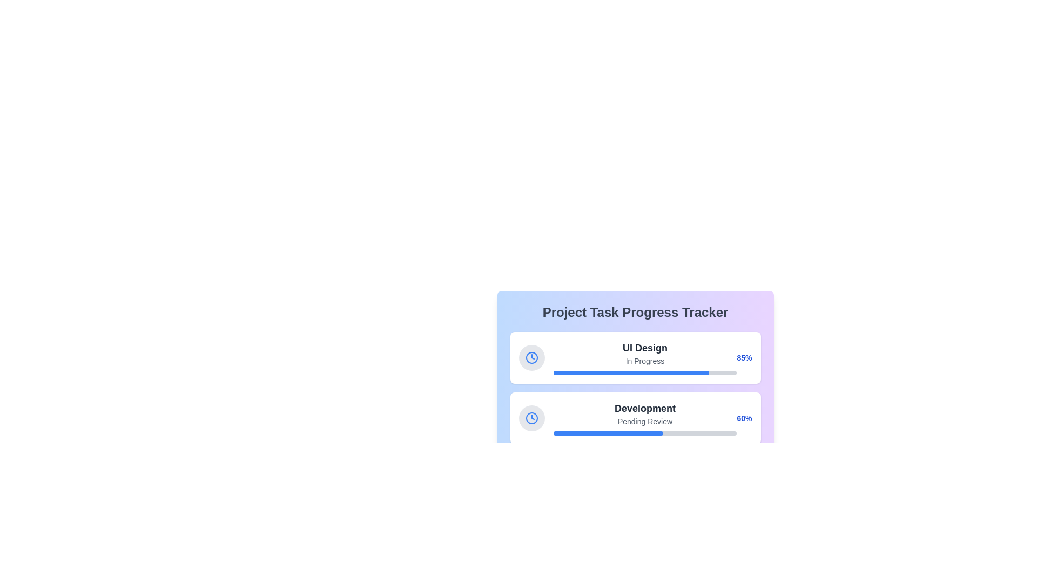  What do you see at coordinates (631, 372) in the screenshot?
I see `progress bar showing 85% completion for the task 'UI Design' located under the 'Project Task Progress Tracker' heading` at bounding box center [631, 372].